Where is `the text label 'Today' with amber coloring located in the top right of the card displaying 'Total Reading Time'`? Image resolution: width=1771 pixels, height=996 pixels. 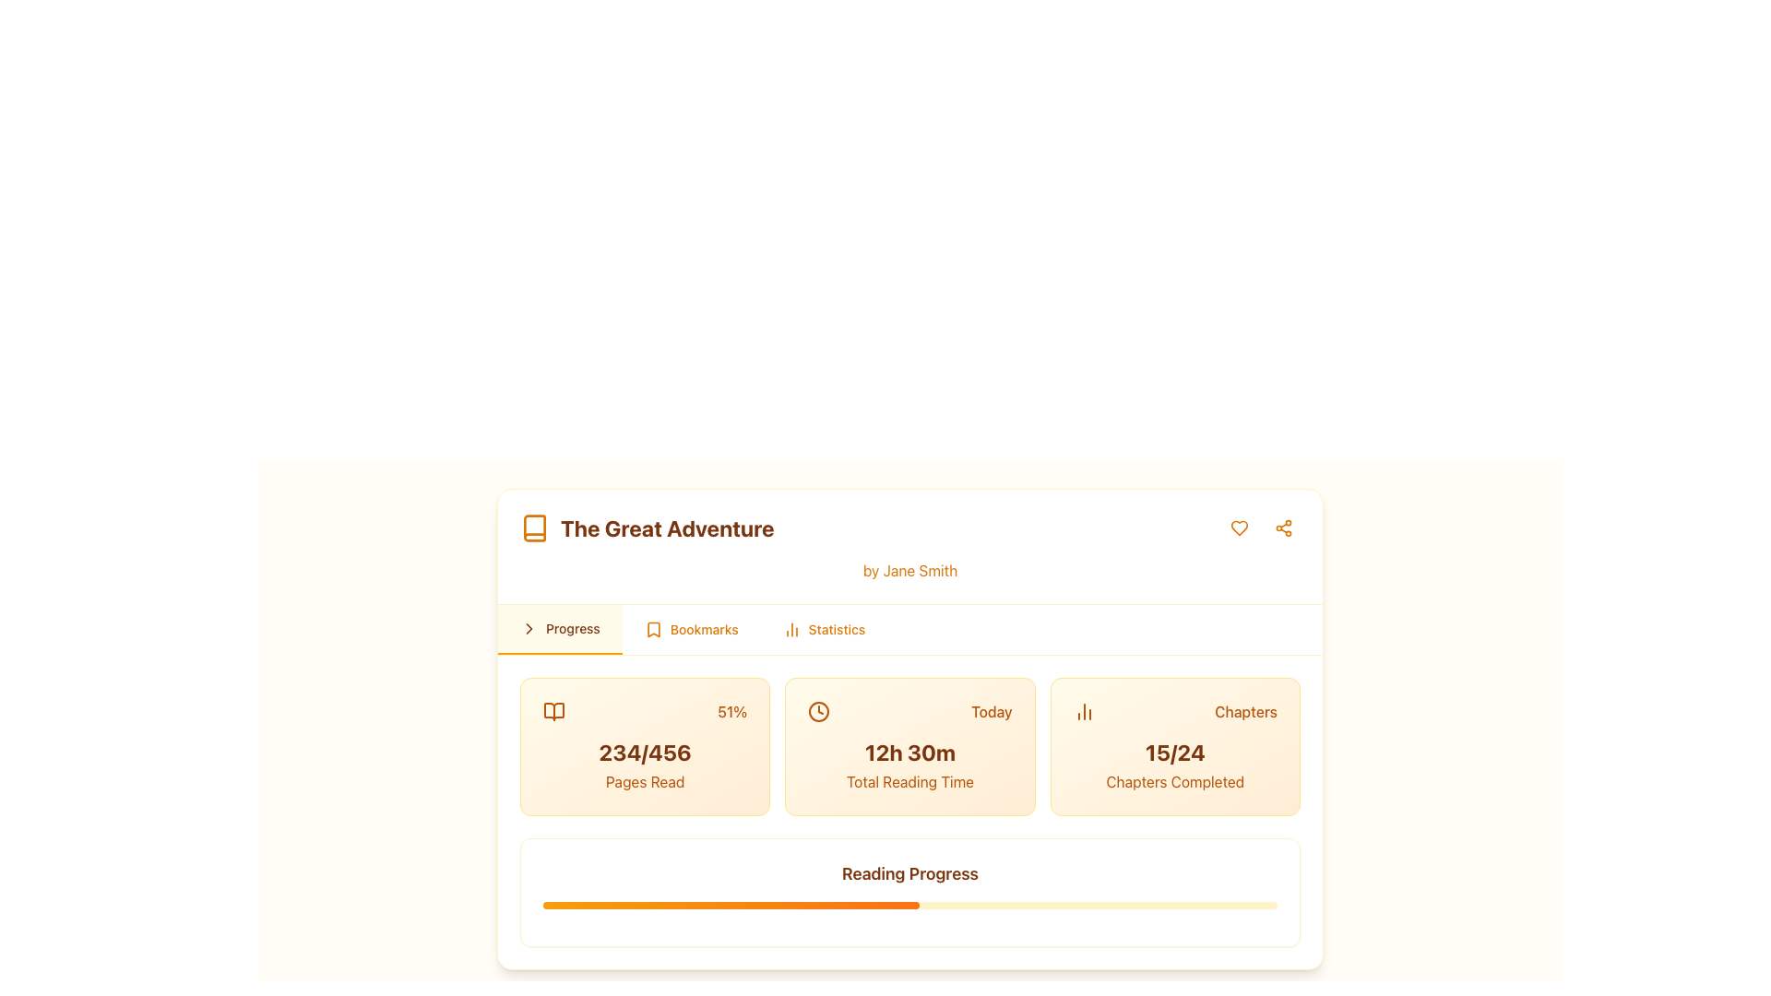 the text label 'Today' with amber coloring located in the top right of the card displaying 'Total Reading Time' is located at coordinates (991, 710).